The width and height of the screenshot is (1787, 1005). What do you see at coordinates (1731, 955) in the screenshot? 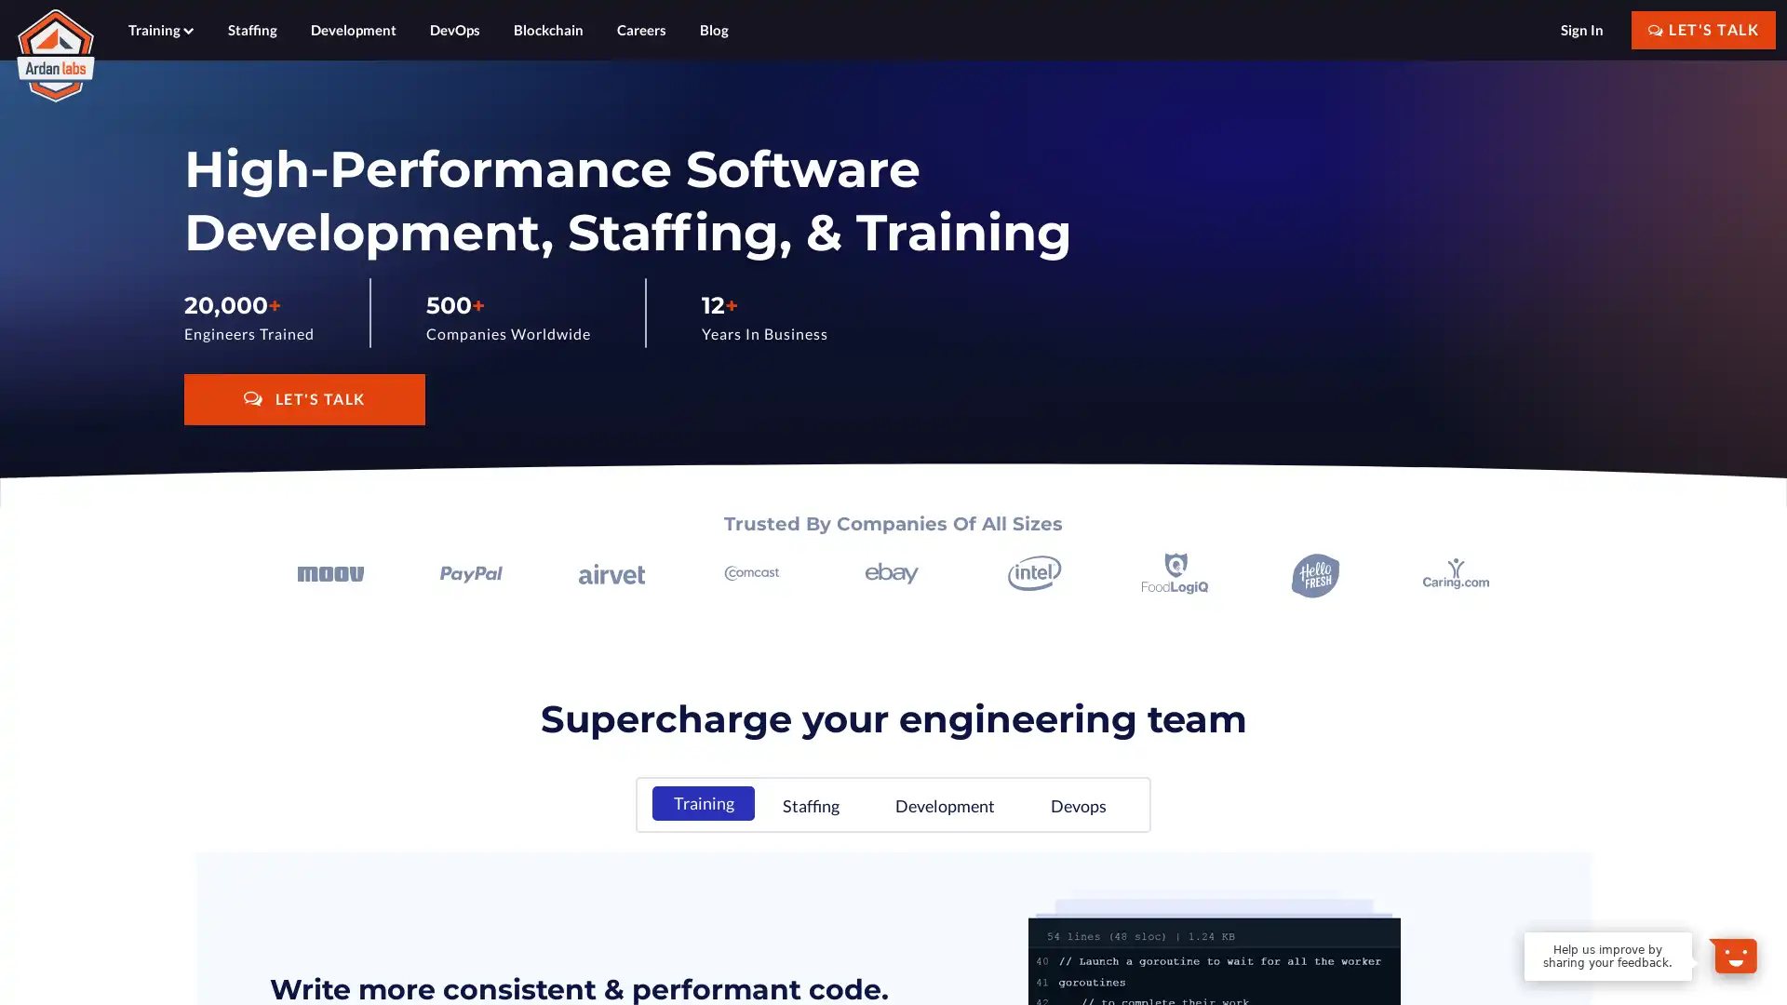
I see `Open` at bounding box center [1731, 955].